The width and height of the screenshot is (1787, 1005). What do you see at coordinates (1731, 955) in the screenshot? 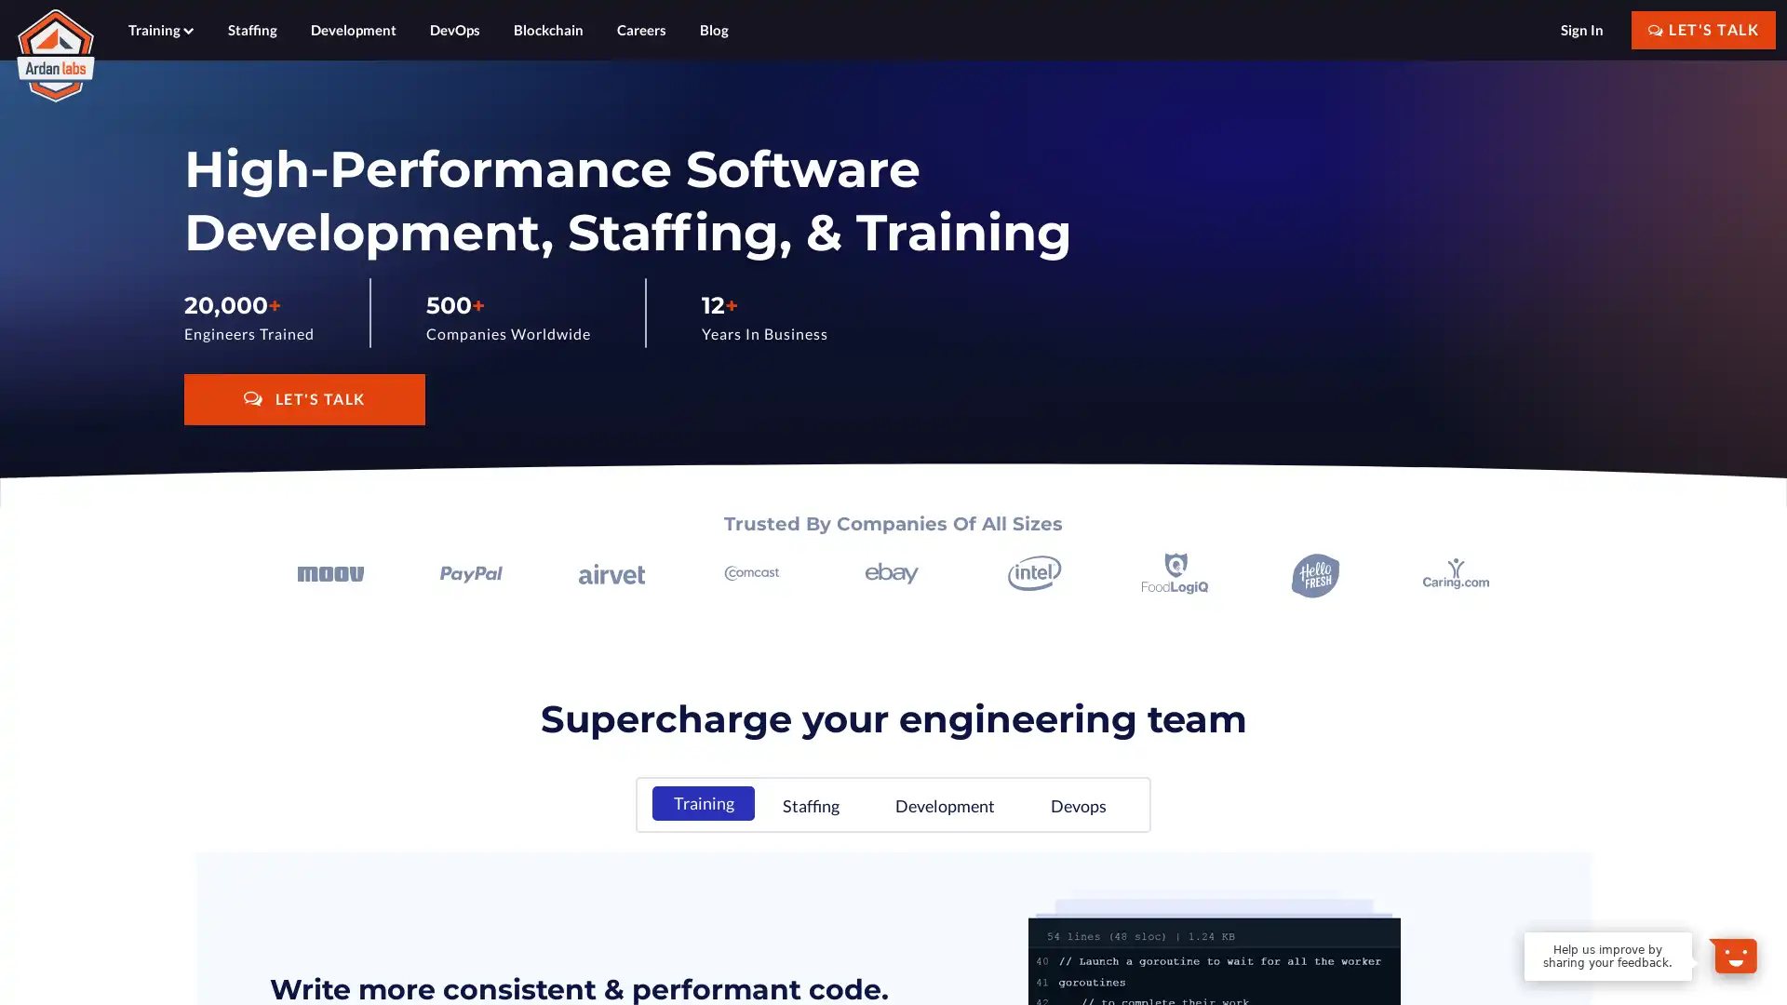
I see `Open` at bounding box center [1731, 955].